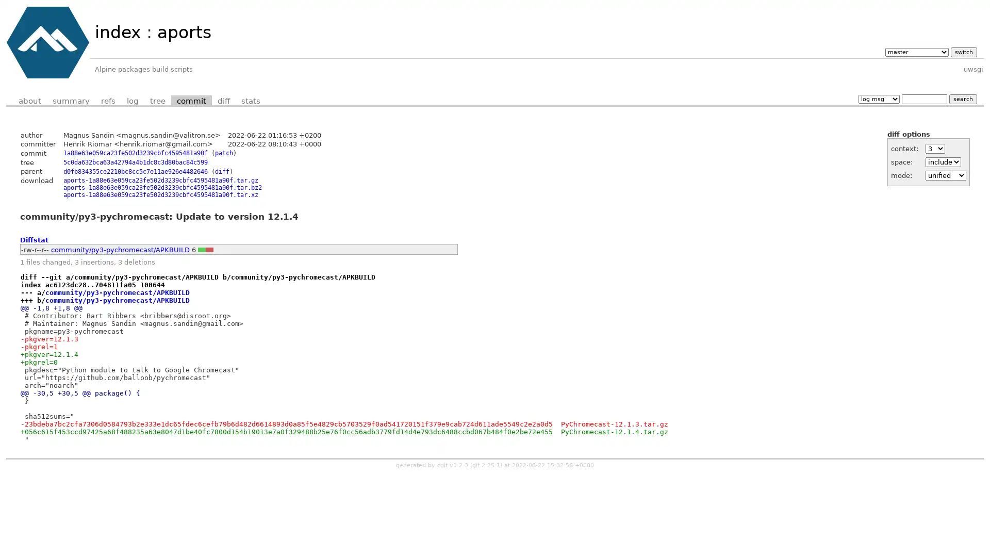 This screenshot has width=990, height=557. What do you see at coordinates (963, 52) in the screenshot?
I see `switch` at bounding box center [963, 52].